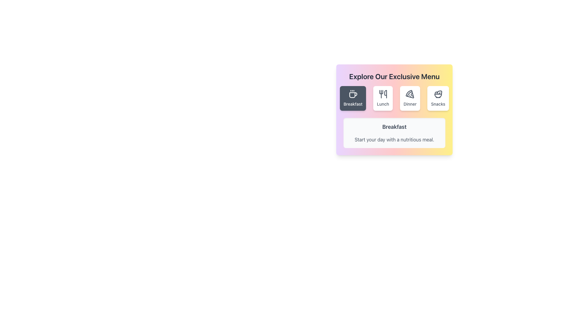  What do you see at coordinates (353, 94) in the screenshot?
I see `the SVG icon representing the 'Breakfast' category, located above the 'Breakfast' text in the first button of a horizontal row of four buttons` at bounding box center [353, 94].